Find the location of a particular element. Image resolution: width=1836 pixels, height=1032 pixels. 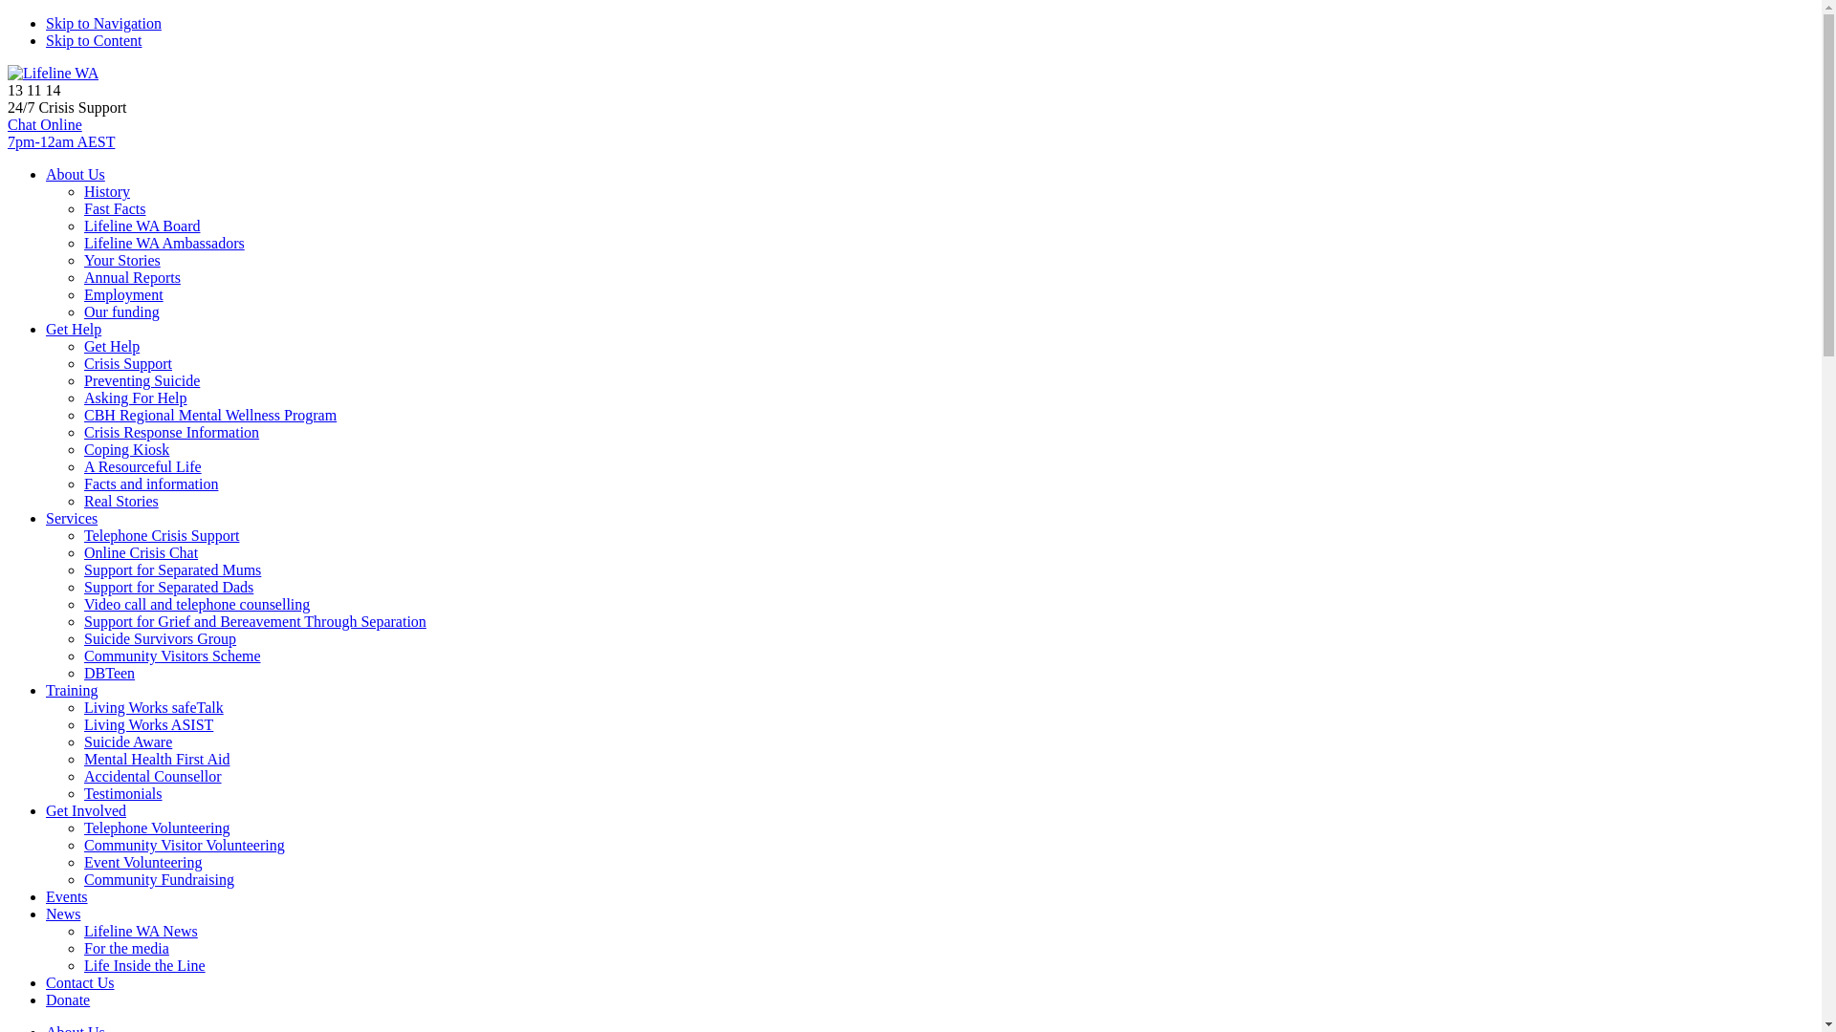

'Living Works safeTalk' is located at coordinates (154, 707).